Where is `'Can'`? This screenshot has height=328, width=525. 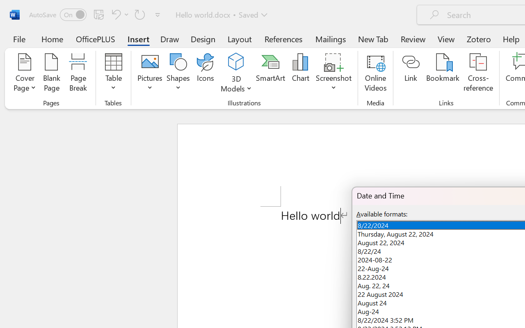 'Can' is located at coordinates (119, 14).